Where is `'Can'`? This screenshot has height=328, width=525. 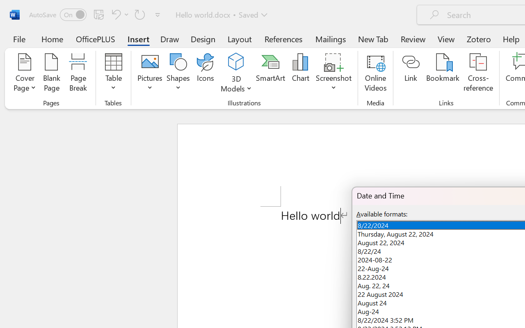 'Can' is located at coordinates (119, 14).